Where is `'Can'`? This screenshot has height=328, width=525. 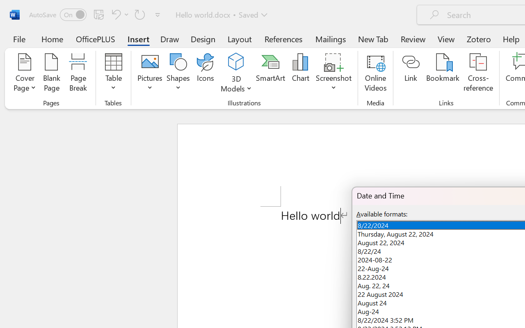 'Can' is located at coordinates (119, 14).